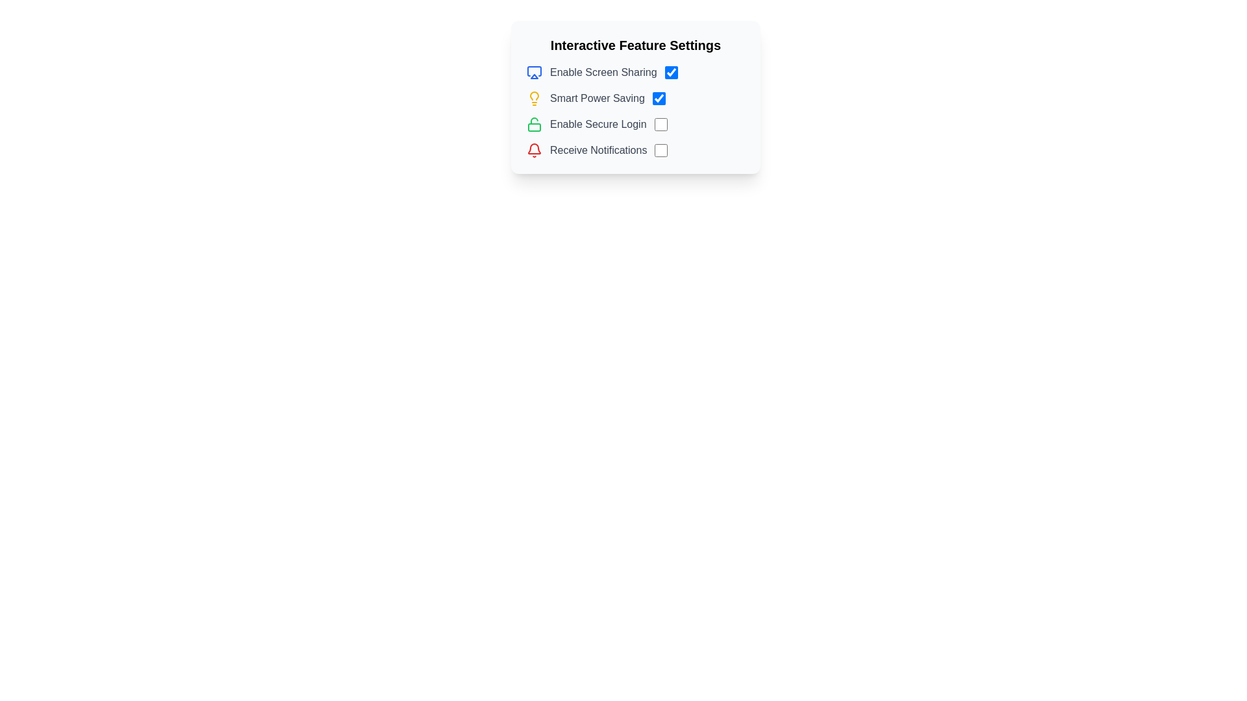 Image resolution: width=1247 pixels, height=701 pixels. Describe the element at coordinates (661, 125) in the screenshot. I see `the checkbox that toggles the 'Enable Secure Login' feature` at that location.